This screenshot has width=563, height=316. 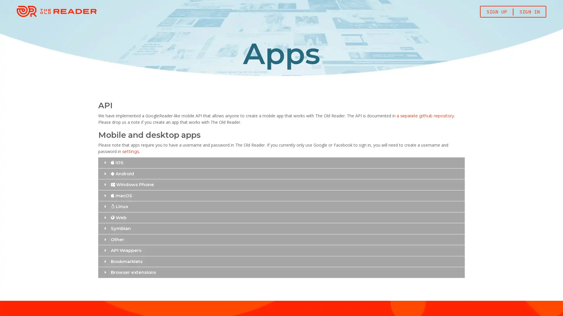 I want to click on macOS, so click(x=281, y=195).